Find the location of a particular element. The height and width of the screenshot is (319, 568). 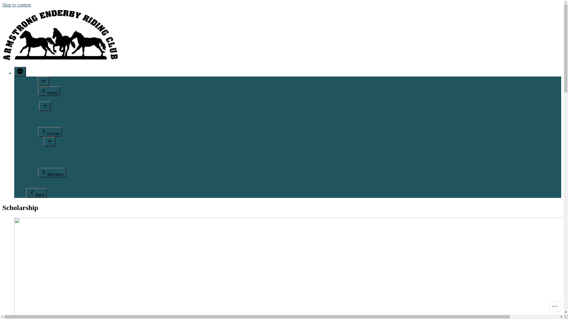

'Events' is located at coordinates (38, 131).